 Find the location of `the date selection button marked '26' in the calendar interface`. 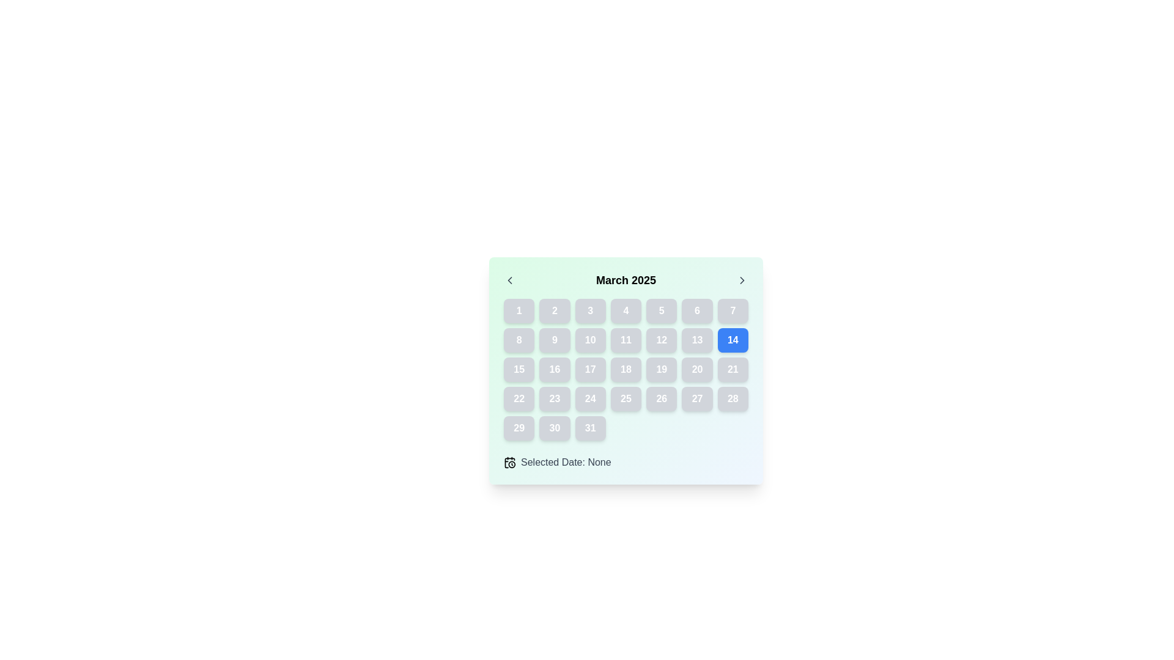

the date selection button marked '26' in the calendar interface is located at coordinates (661, 398).